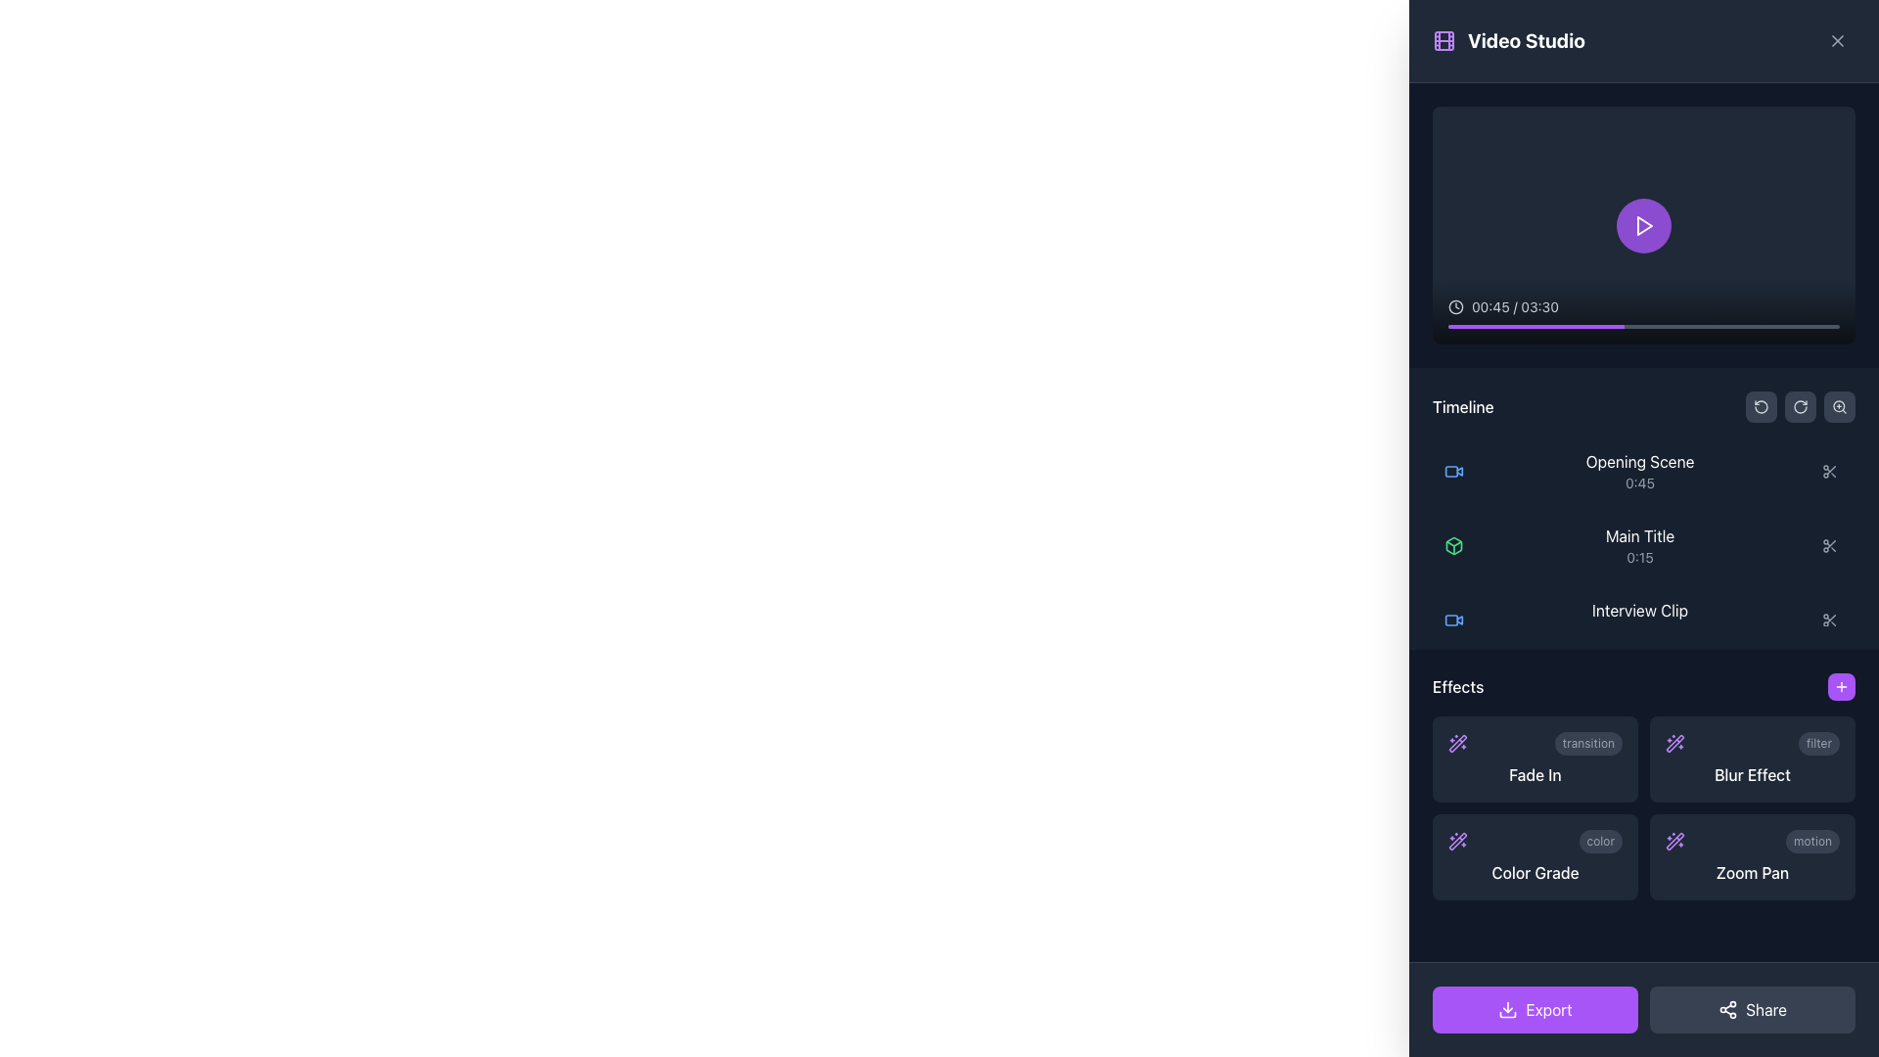 The width and height of the screenshot is (1879, 1057). What do you see at coordinates (1644, 224) in the screenshot?
I see `the progress bar of the video player interface` at bounding box center [1644, 224].